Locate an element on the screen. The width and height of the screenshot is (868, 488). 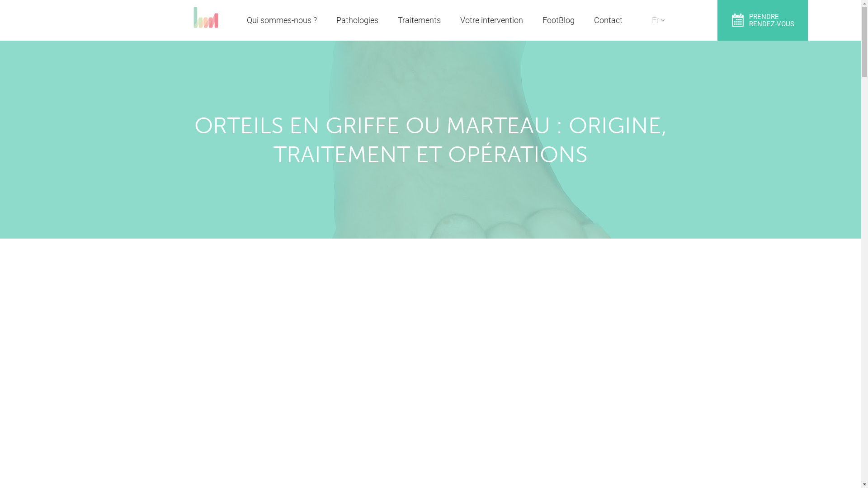
'FootBlog' is located at coordinates (558, 20).